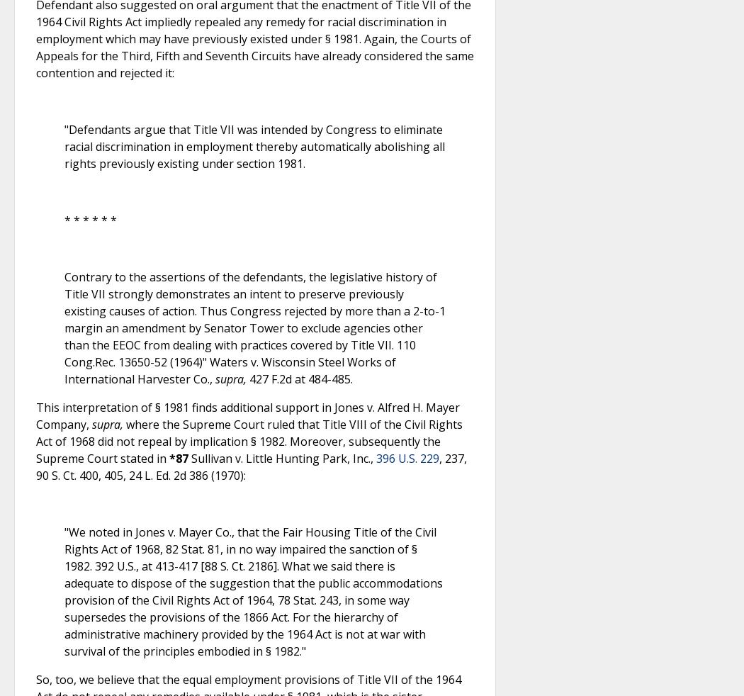  I want to click on '*87', so click(169, 458).